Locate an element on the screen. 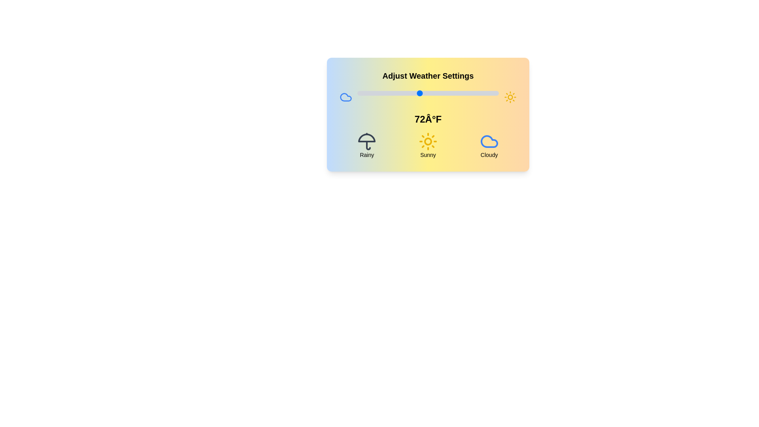  the weather condition icon corresponding to Rainy is located at coordinates (366, 141).